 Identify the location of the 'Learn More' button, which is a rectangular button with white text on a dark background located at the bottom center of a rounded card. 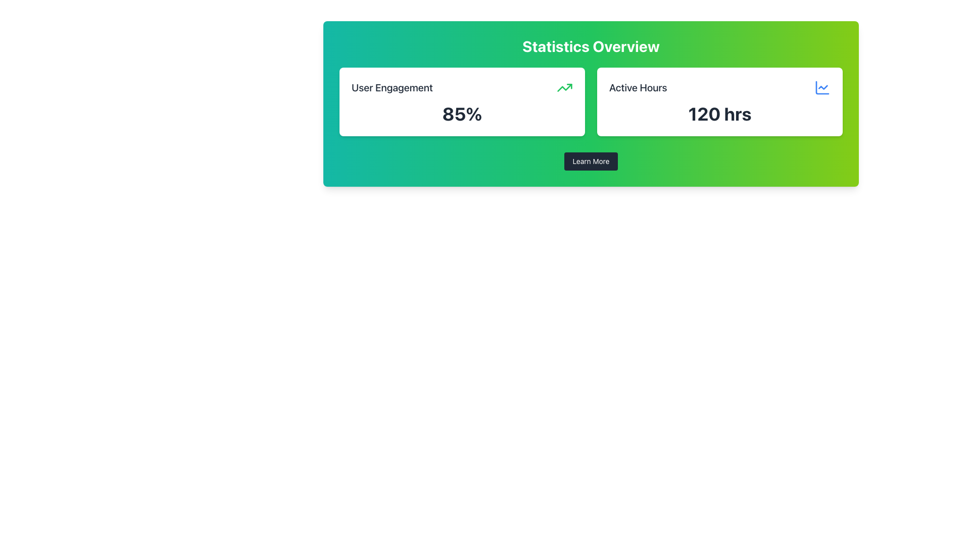
(591, 161).